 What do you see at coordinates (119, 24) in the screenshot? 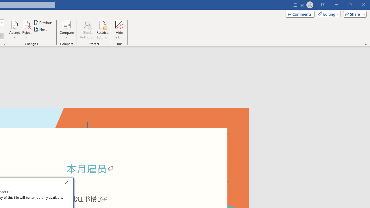
I see `'Hide Ink'` at bounding box center [119, 24].